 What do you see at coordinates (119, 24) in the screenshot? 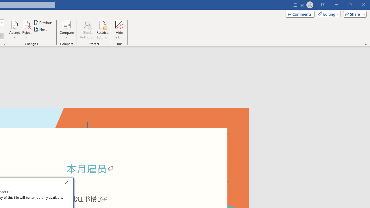
I see `'Hide Ink'` at bounding box center [119, 24].